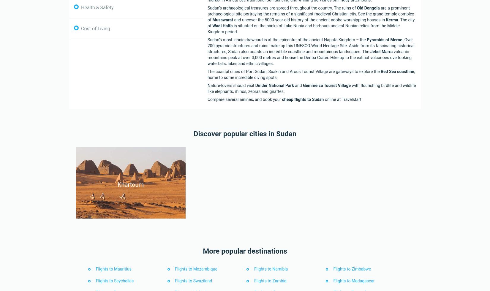  What do you see at coordinates (343, 99) in the screenshot?
I see `'online at Travelstart!'` at bounding box center [343, 99].